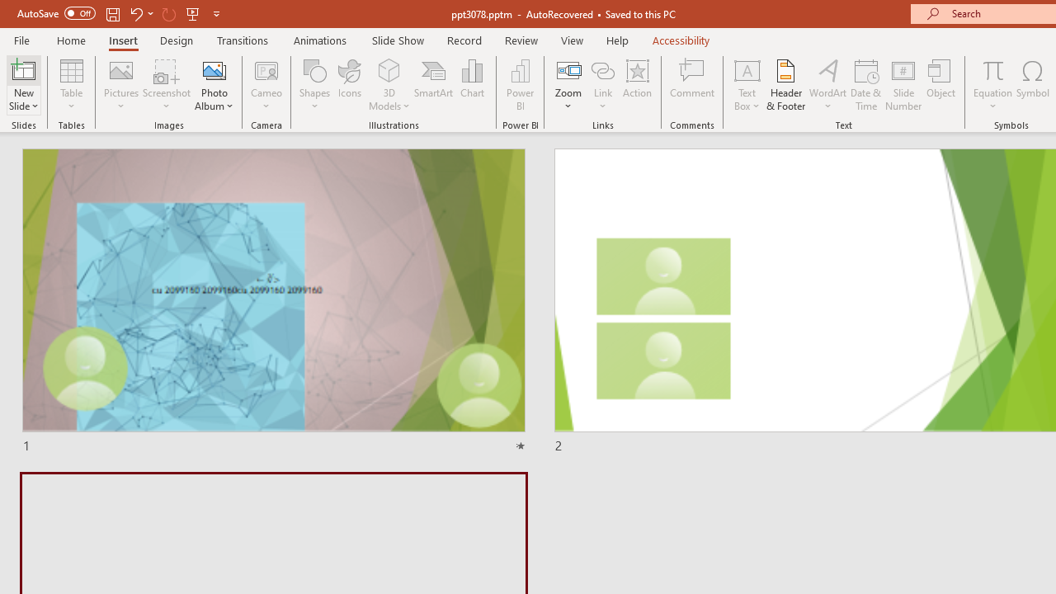 This screenshot has width=1056, height=594. I want to click on 'Link', so click(602, 69).